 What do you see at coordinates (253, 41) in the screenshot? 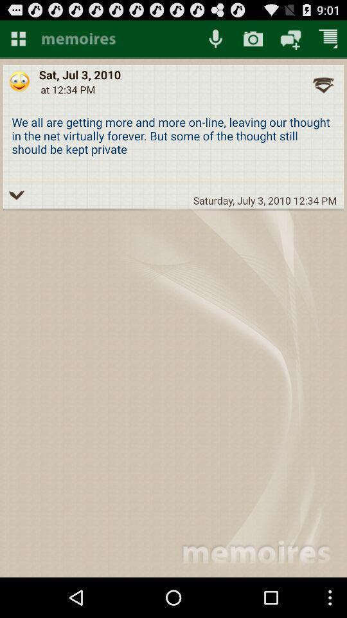
I see `the photo icon` at bounding box center [253, 41].